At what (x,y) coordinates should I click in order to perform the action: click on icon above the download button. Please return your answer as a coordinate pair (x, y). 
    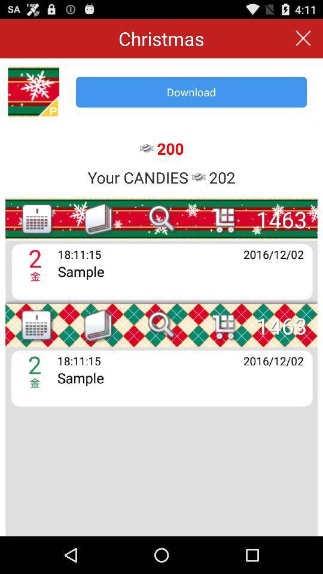
    Looking at the image, I should click on (303, 38).